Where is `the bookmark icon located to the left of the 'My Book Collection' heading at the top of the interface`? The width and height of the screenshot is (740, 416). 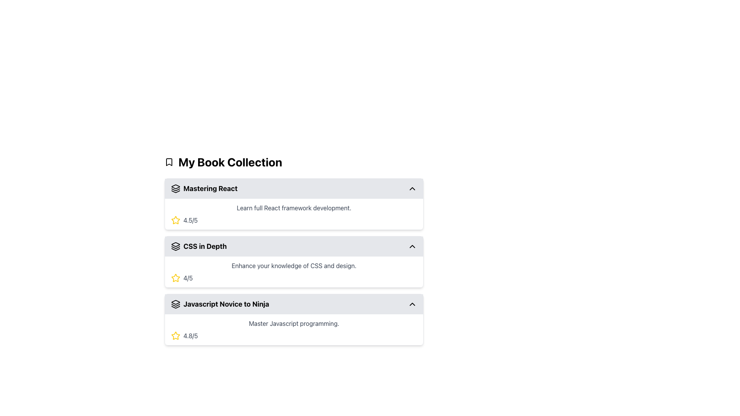 the bookmark icon located to the left of the 'My Book Collection' heading at the top of the interface is located at coordinates (168, 161).